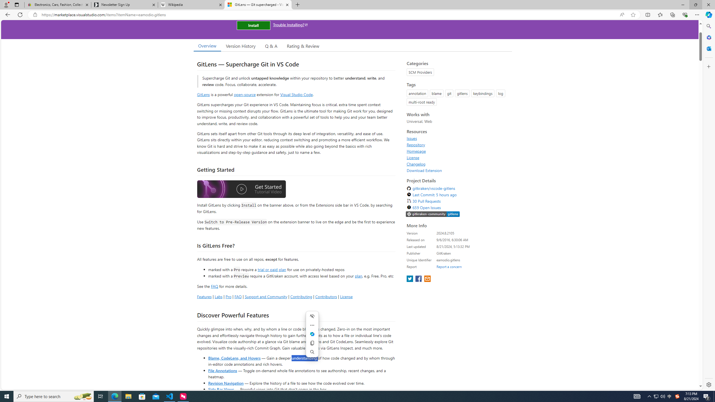 The width and height of the screenshot is (715, 402). Describe the element at coordinates (312, 316) in the screenshot. I see `'Hide menu'` at that location.